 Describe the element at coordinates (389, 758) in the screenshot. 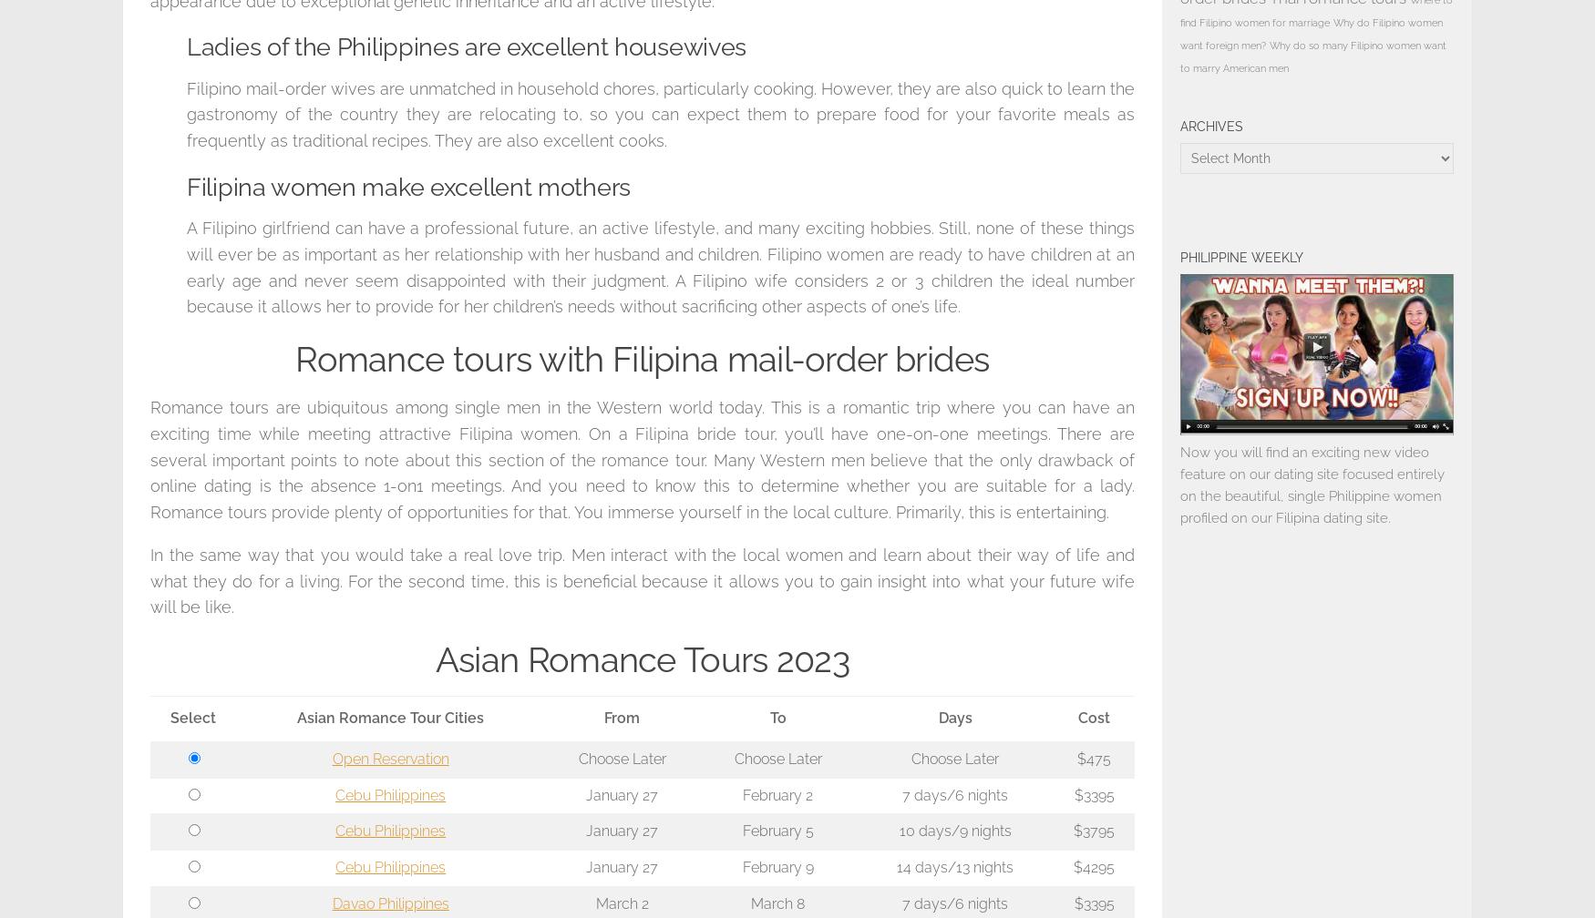

I see `'Open Reservation'` at that location.